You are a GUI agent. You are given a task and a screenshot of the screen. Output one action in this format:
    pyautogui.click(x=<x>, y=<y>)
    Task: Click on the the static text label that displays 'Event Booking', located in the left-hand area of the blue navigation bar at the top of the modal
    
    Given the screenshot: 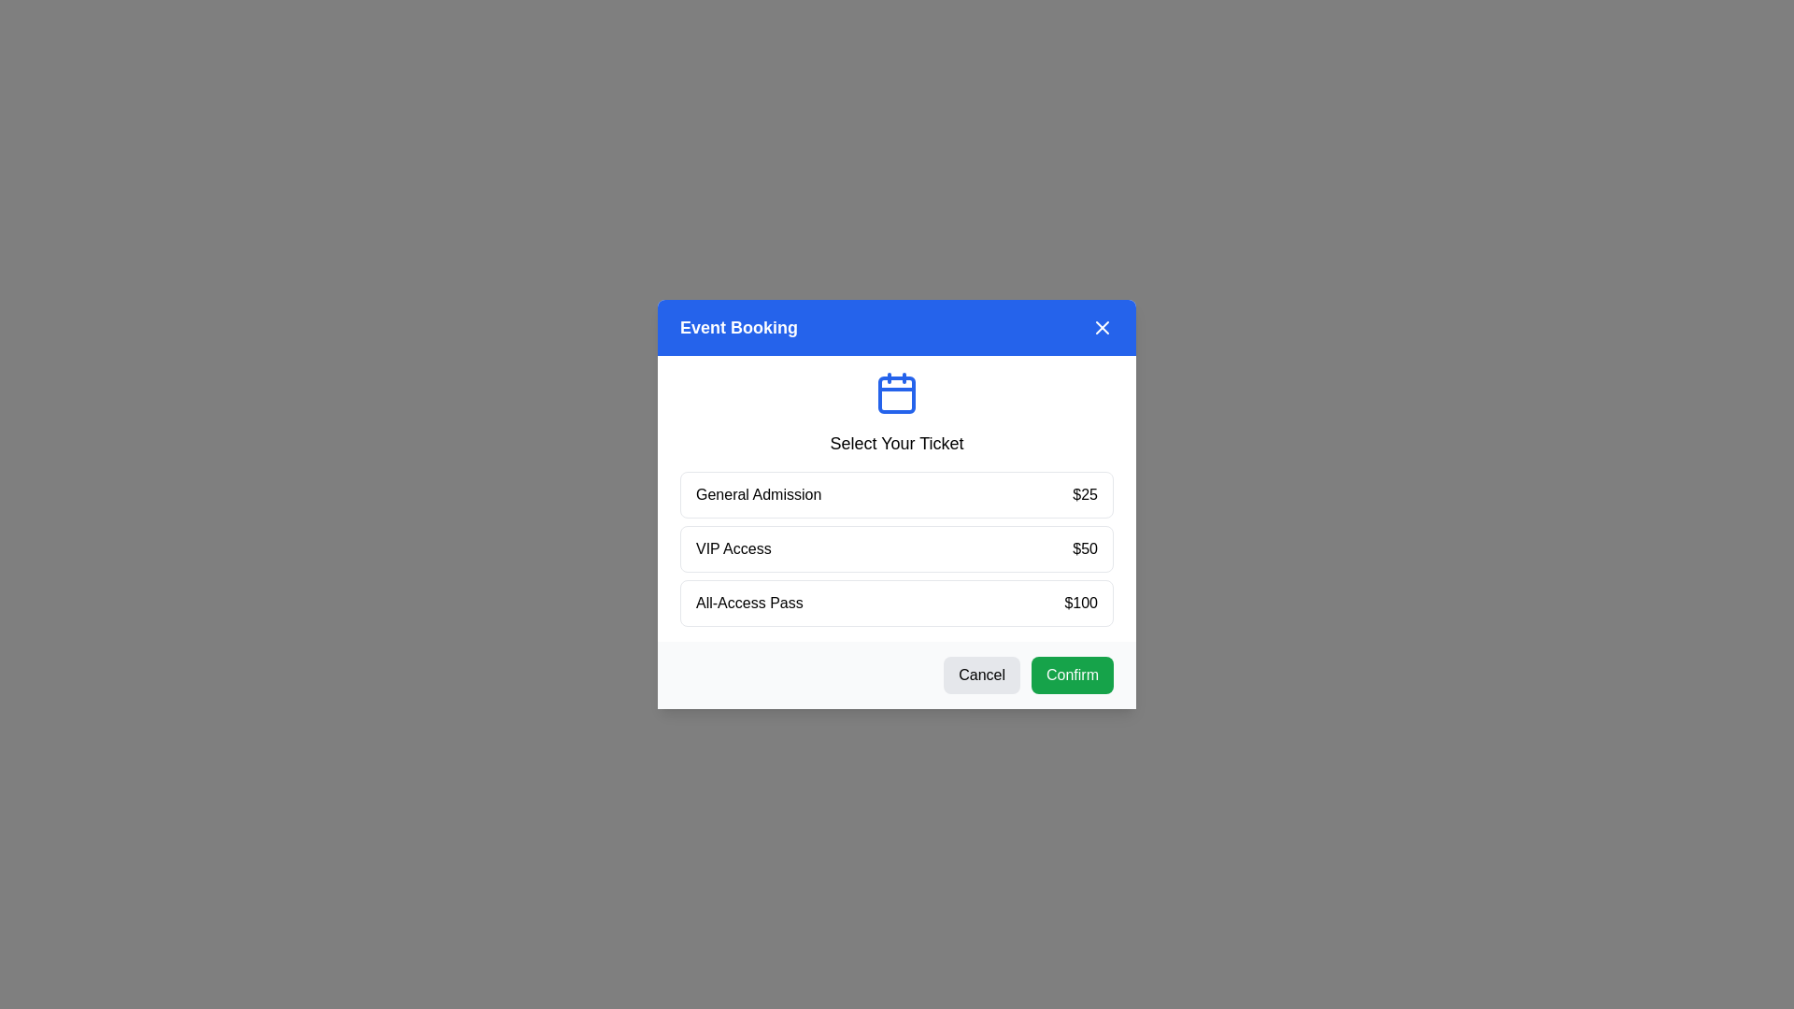 What is the action you would take?
    pyautogui.click(x=738, y=327)
    